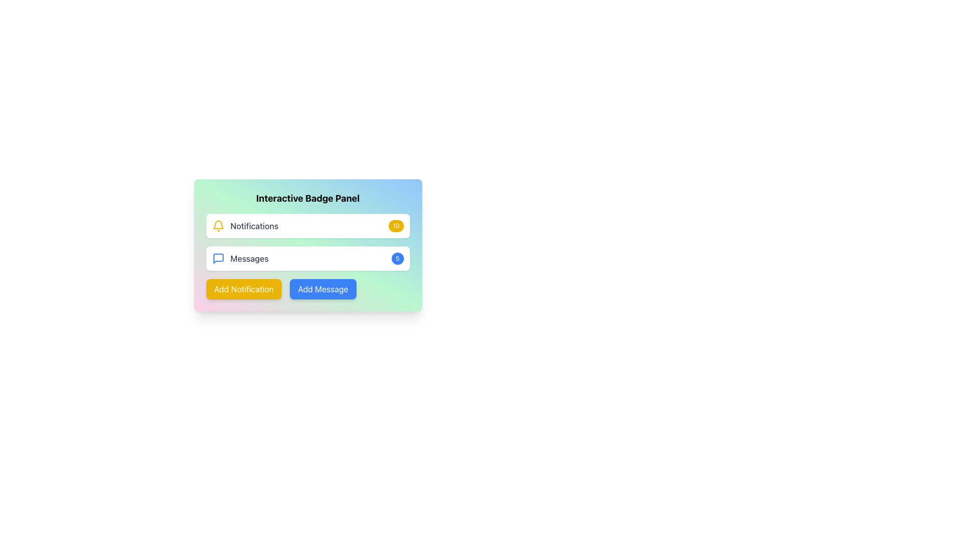 The height and width of the screenshot is (550, 978). I want to click on the blue outlined message bubble icon located to the left of the 'Messages' label, so click(218, 258).